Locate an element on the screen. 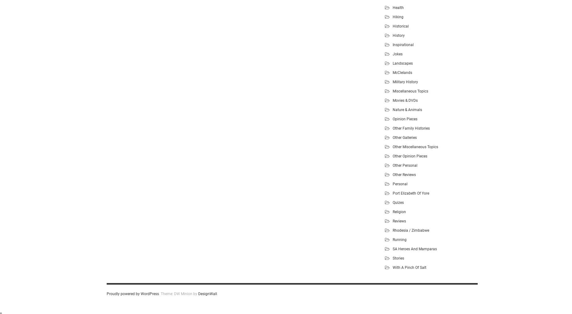 This screenshot has width=572, height=314. 'Hiking' is located at coordinates (398, 16).